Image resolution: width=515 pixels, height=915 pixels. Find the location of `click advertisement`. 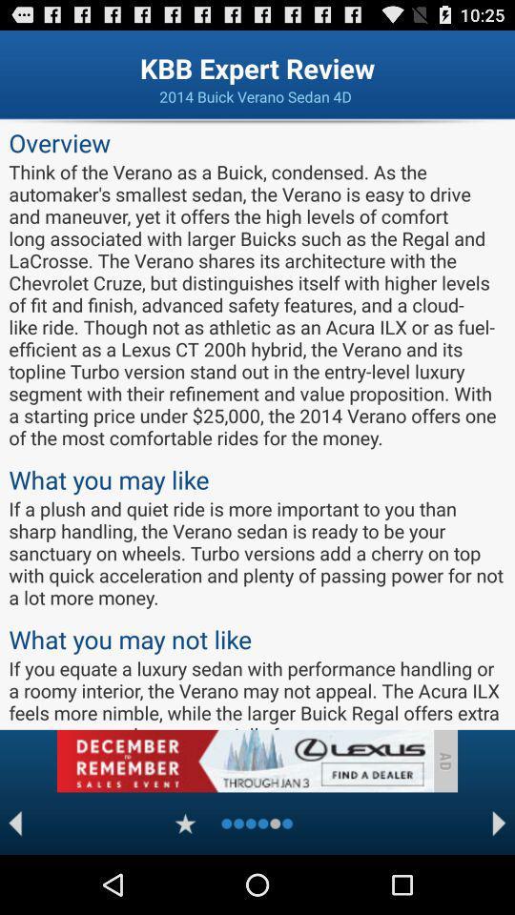

click advertisement is located at coordinates (244, 761).